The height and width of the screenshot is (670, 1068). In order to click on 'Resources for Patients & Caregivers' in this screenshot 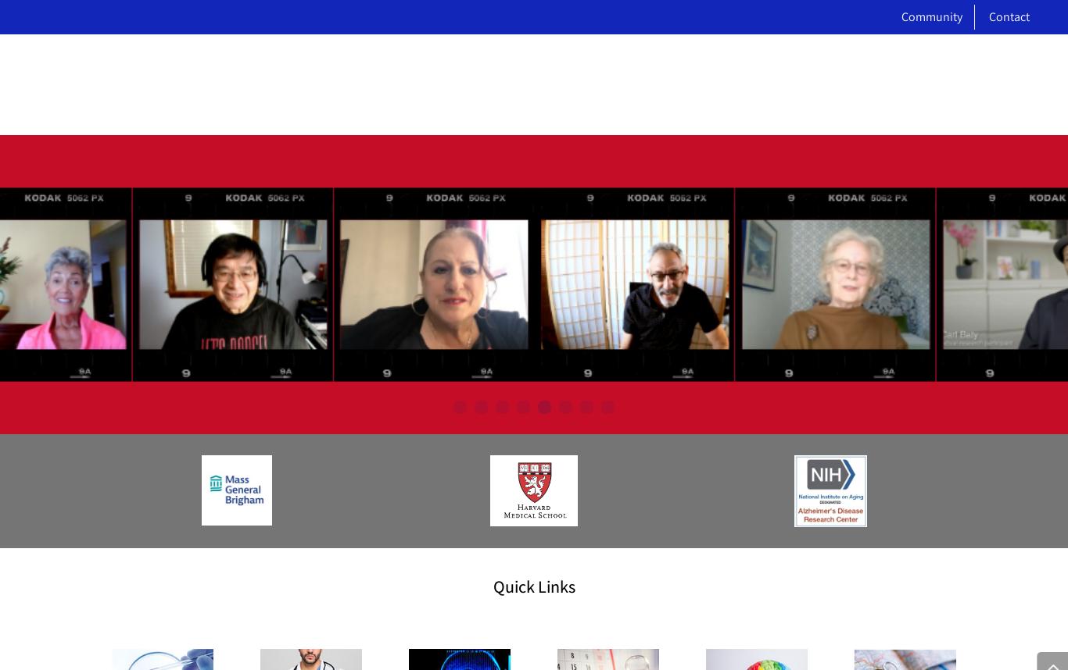, I will do `click(780, 197)`.